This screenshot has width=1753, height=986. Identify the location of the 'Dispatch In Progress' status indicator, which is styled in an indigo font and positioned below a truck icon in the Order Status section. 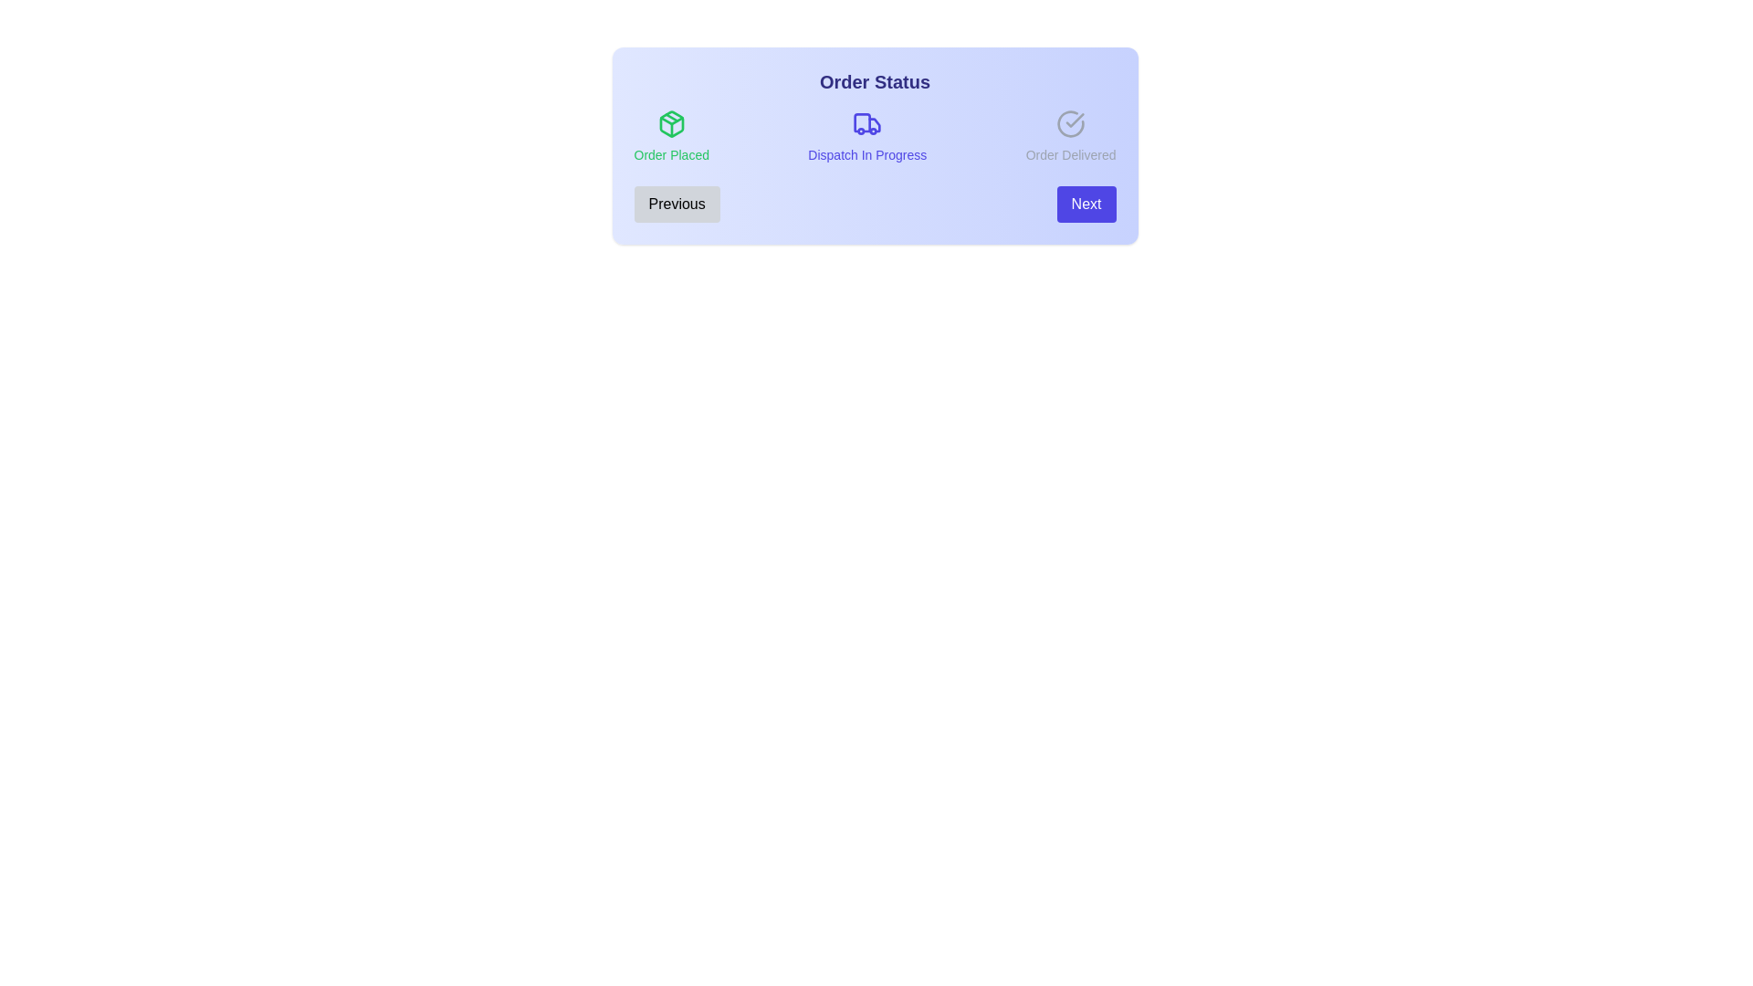
(866, 136).